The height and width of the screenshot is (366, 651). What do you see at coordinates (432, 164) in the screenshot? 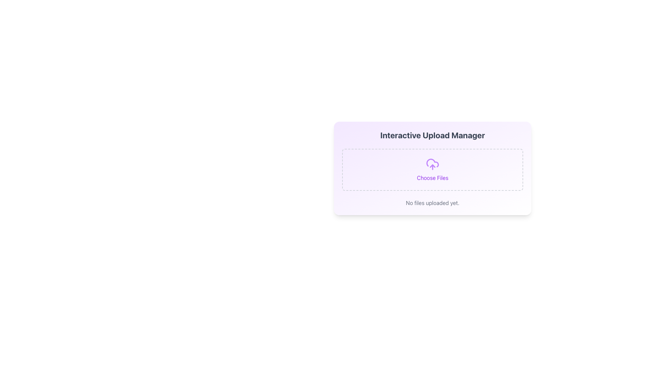
I see `the upload SVG icon located within the dashed-bordered section labeled 'Choose Files' under the 'Interactive Upload Manager' heading` at bounding box center [432, 164].